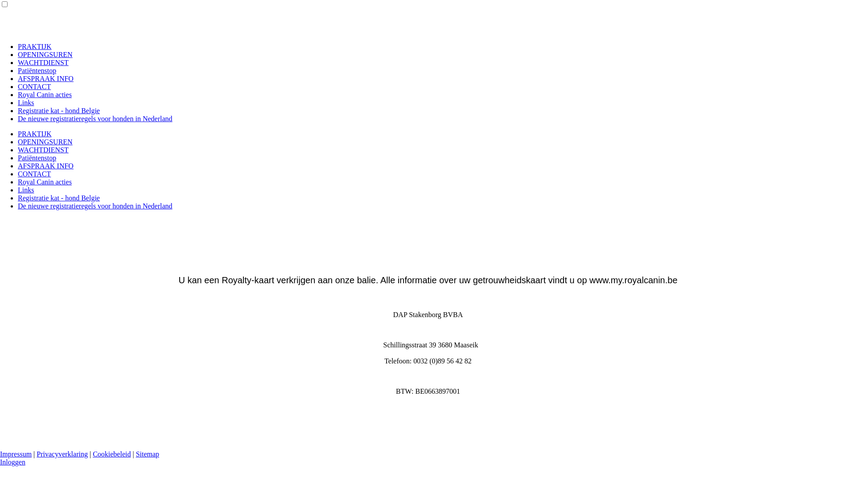  I want to click on 'AFSPRAAK INFO', so click(45, 78).